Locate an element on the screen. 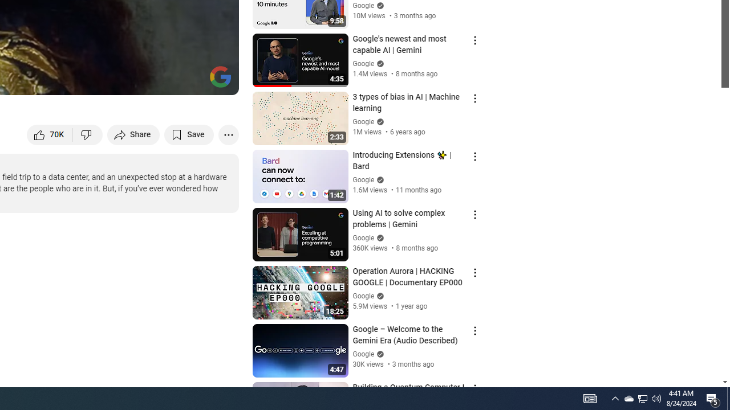 The width and height of the screenshot is (730, 410). 'Theater mode (t)' is located at coordinates (190, 80).